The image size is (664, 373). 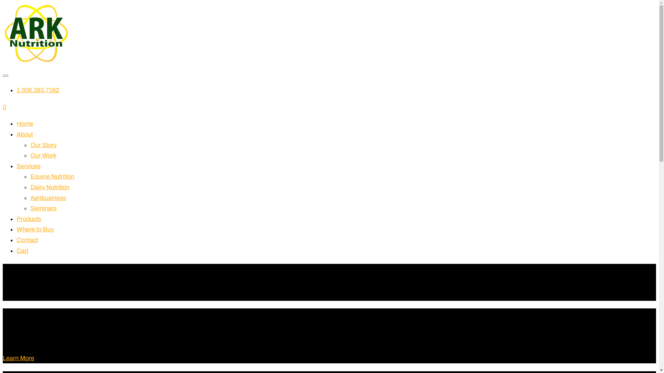 What do you see at coordinates (43, 208) in the screenshot?
I see `'Seminars'` at bounding box center [43, 208].